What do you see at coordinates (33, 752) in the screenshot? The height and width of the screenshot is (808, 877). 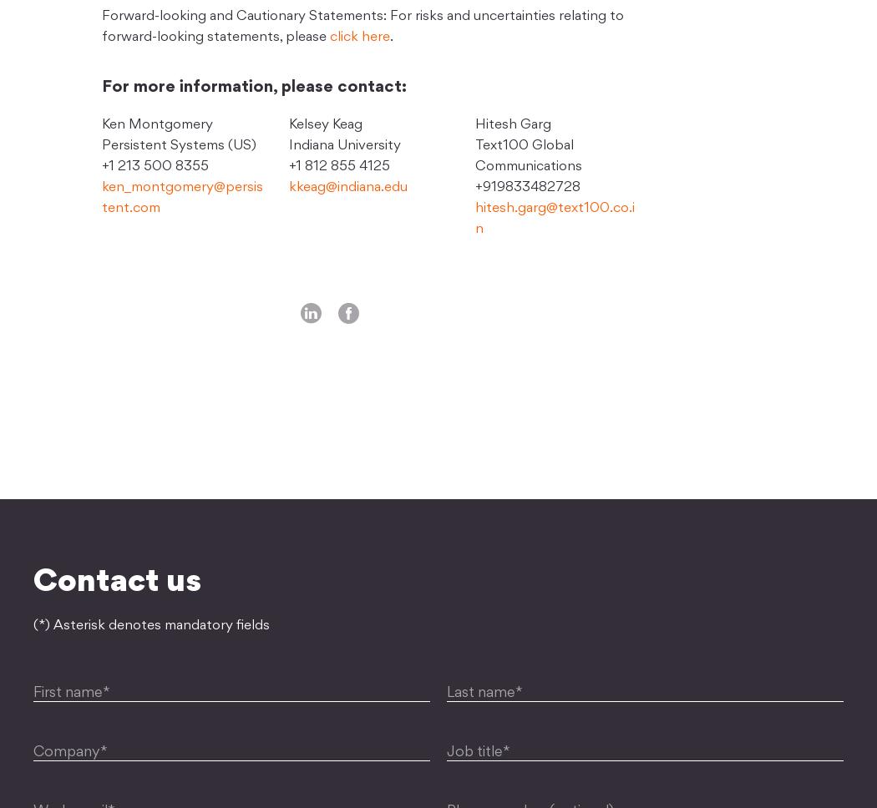 I see `'Company*'` at bounding box center [33, 752].